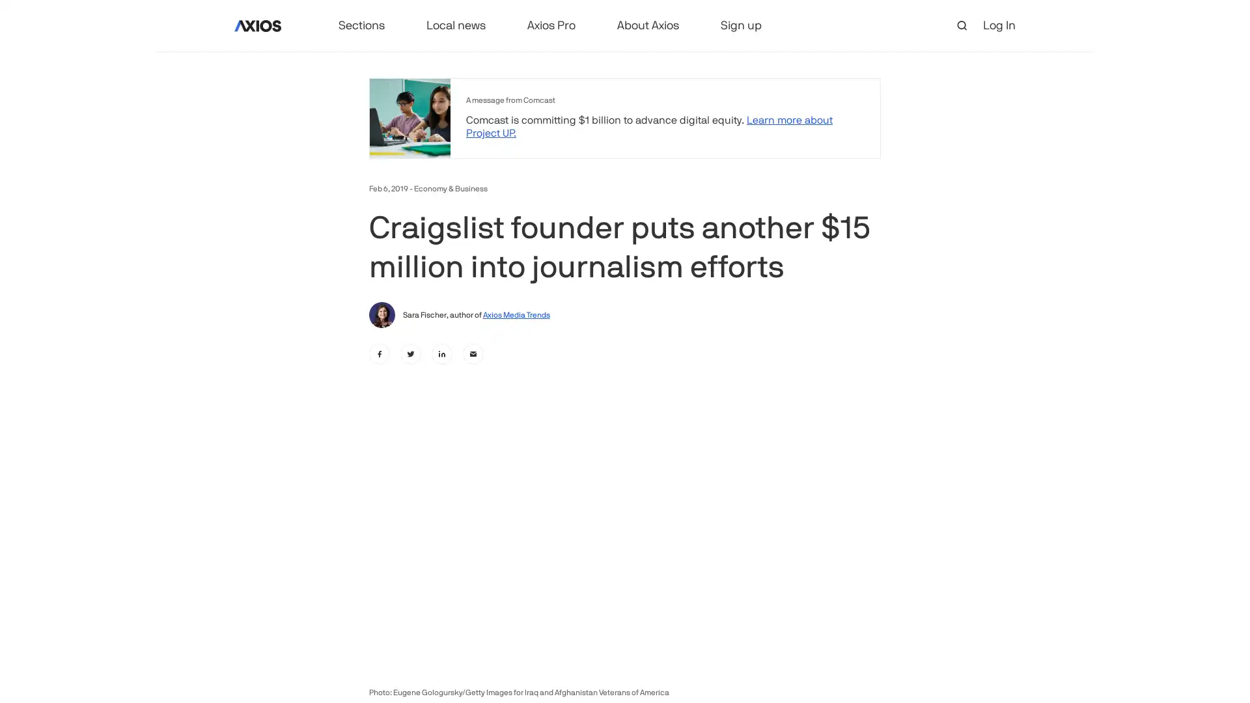 This screenshot has height=703, width=1250. What do you see at coordinates (378, 353) in the screenshot?
I see `facebook` at bounding box center [378, 353].